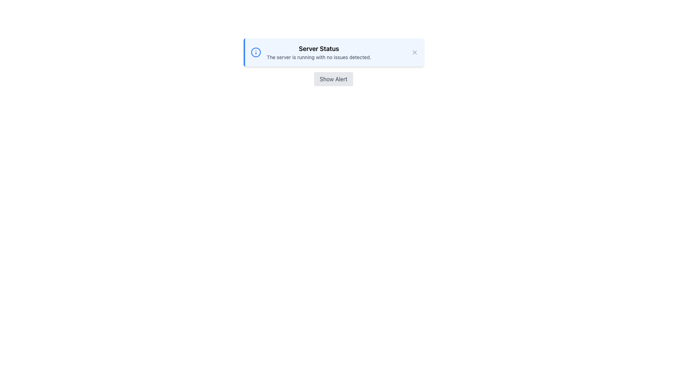  I want to click on the informative icon located on the left side of the notification banner, next to the text 'Server Status The server is running with no issues detected.', so click(255, 52).